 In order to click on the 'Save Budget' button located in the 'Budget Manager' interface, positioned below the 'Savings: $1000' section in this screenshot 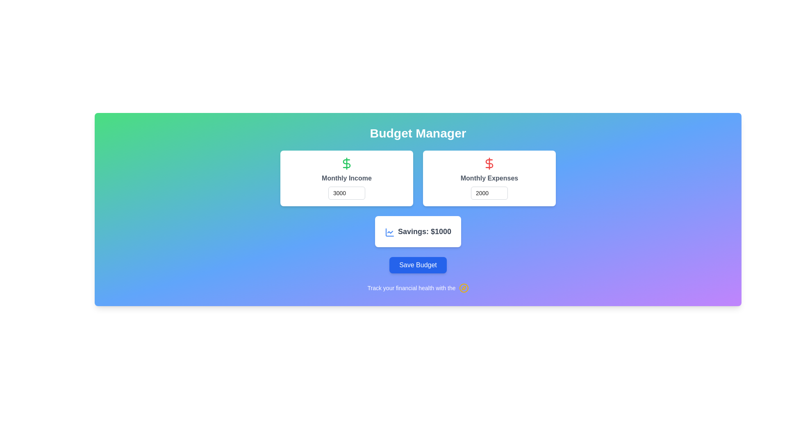, I will do `click(418, 265)`.